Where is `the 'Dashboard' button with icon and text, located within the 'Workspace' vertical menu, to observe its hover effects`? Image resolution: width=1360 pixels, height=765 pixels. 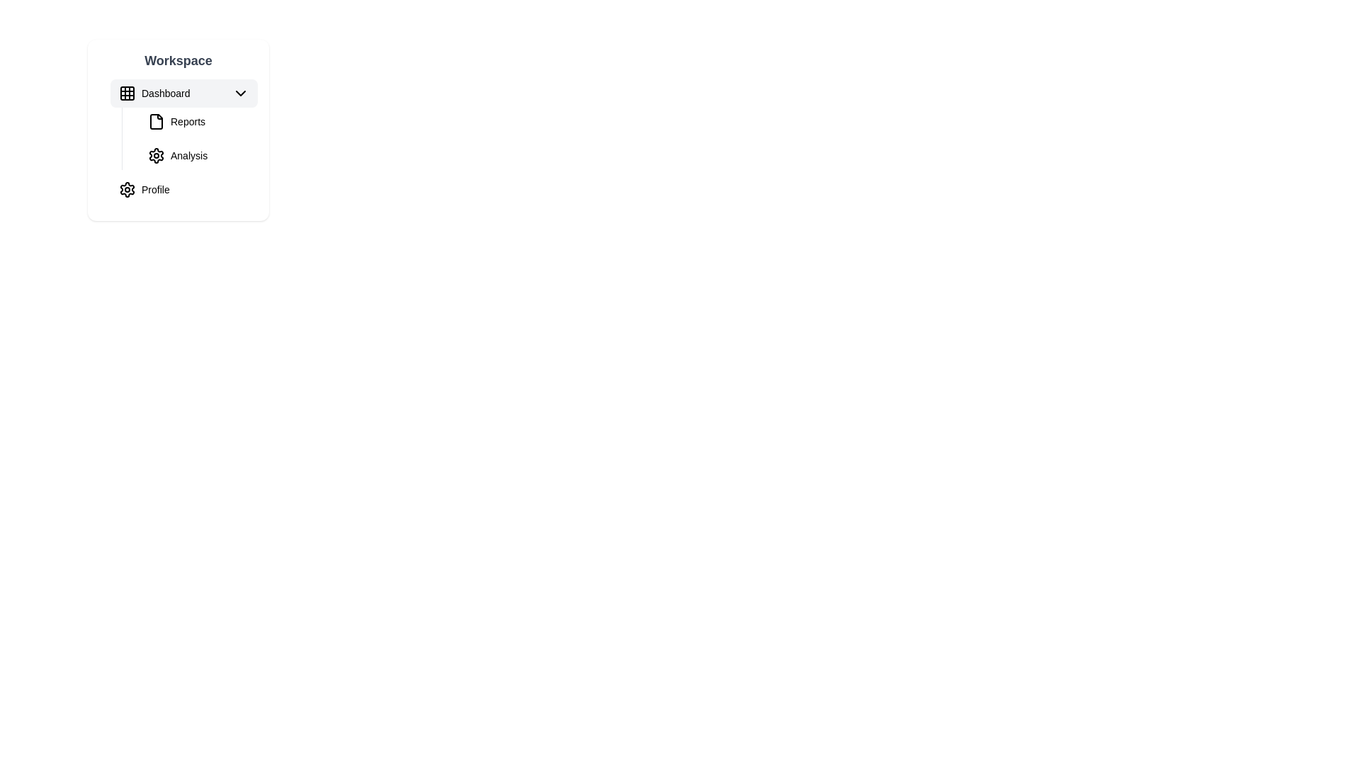
the 'Dashboard' button with icon and text, located within the 'Workspace' vertical menu, to observe its hover effects is located at coordinates (183, 93).